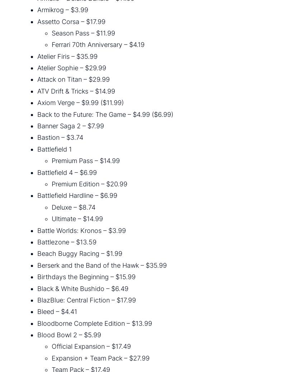  I want to click on 'Marvel’s Spider-Man 2 Sales Make it Fastest-Selling PlayStation Studios Game', so click(60, 273).